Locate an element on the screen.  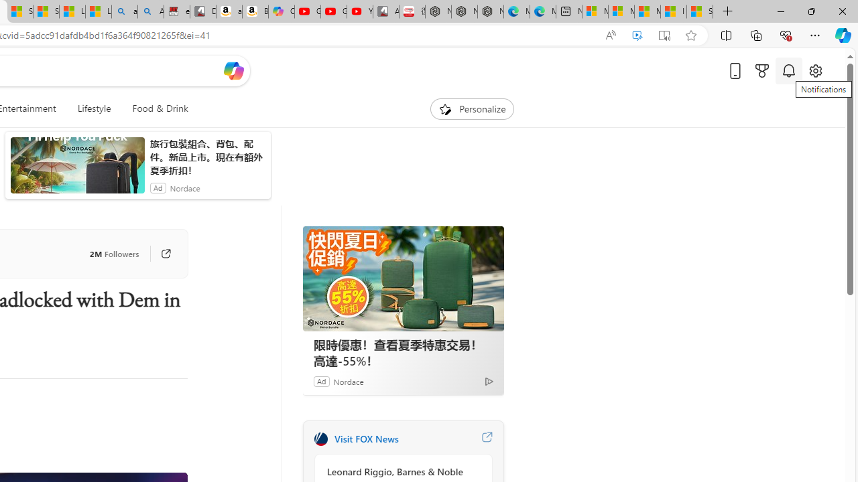
'Visit FOX News website' is located at coordinates (486, 438).